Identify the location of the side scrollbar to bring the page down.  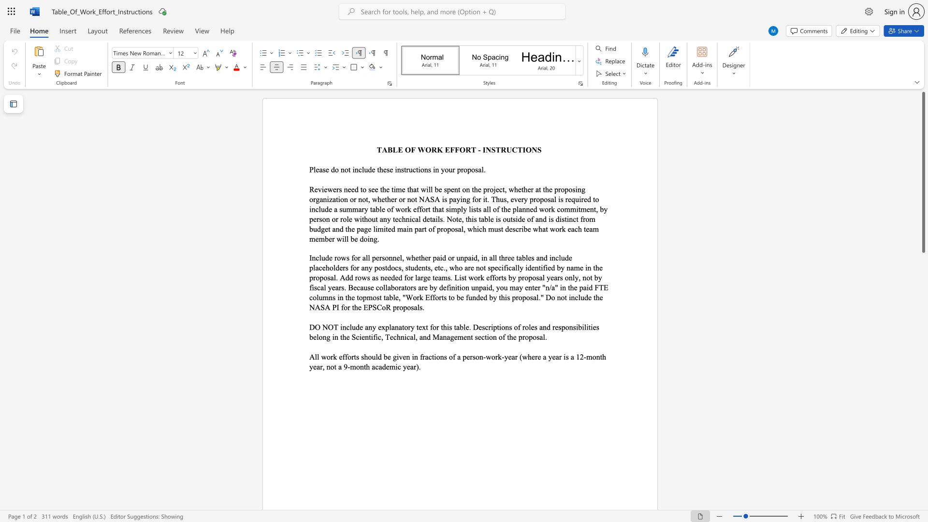
(923, 420).